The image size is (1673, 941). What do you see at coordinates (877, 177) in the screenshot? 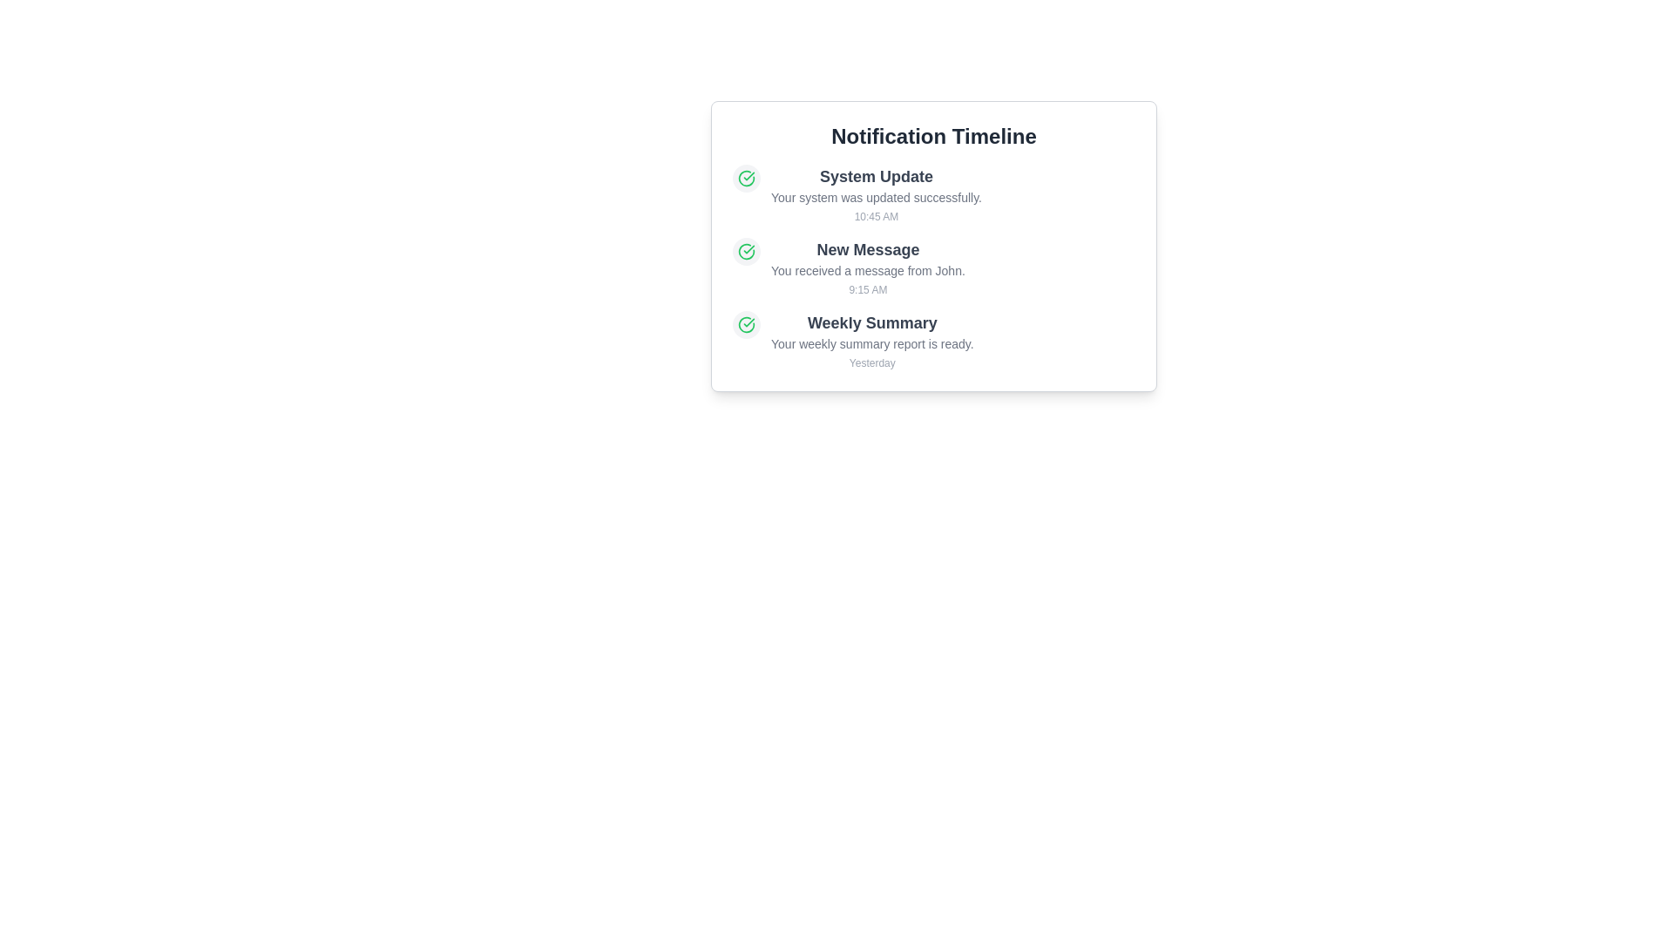
I see `the text label indicating a system update notification, which is positioned under 'Notification Timeline' and aligned with a green checkmark icon` at bounding box center [877, 177].